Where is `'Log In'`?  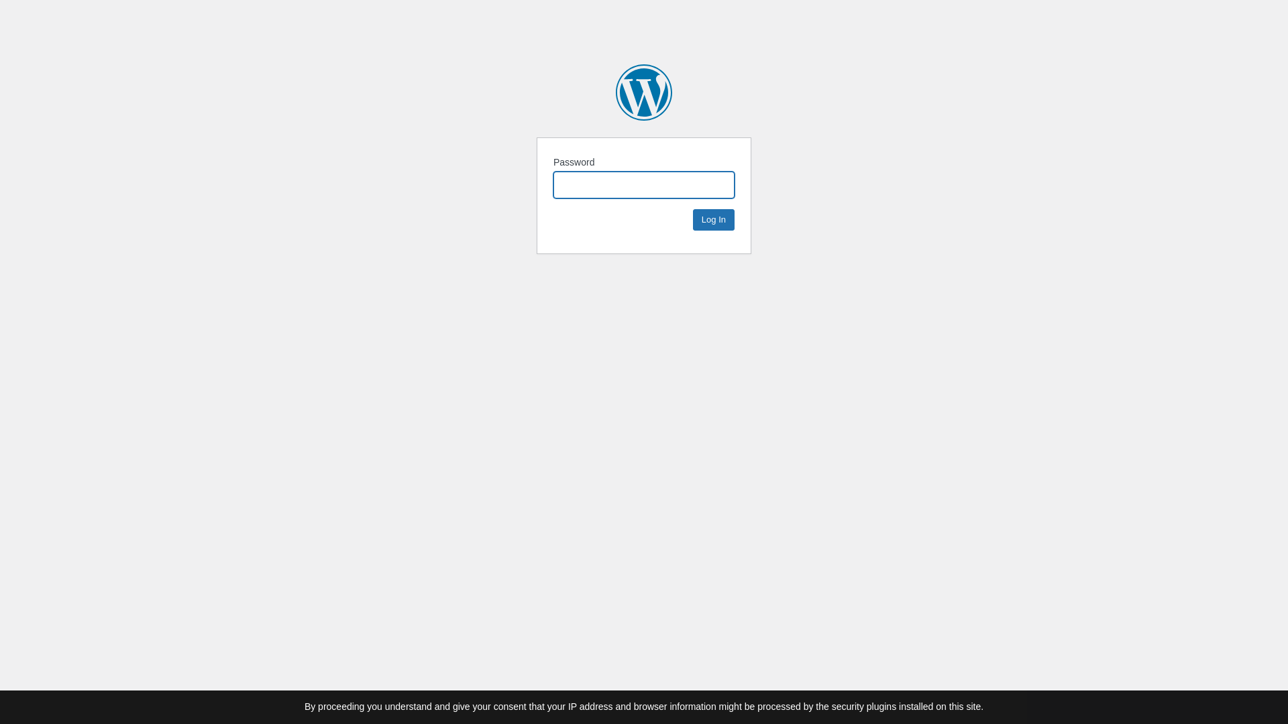 'Log In' is located at coordinates (713, 219).